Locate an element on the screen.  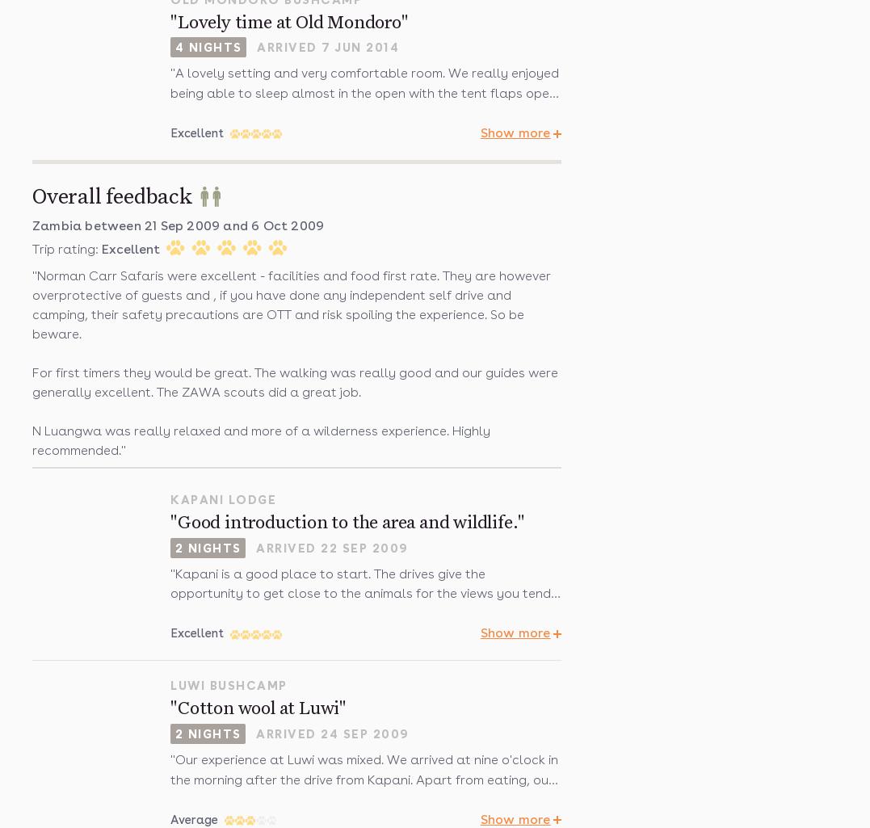
'N Luangwa was really relaxed and more of a wilderness experience. Highly recommended."' is located at coordinates (261, 439).